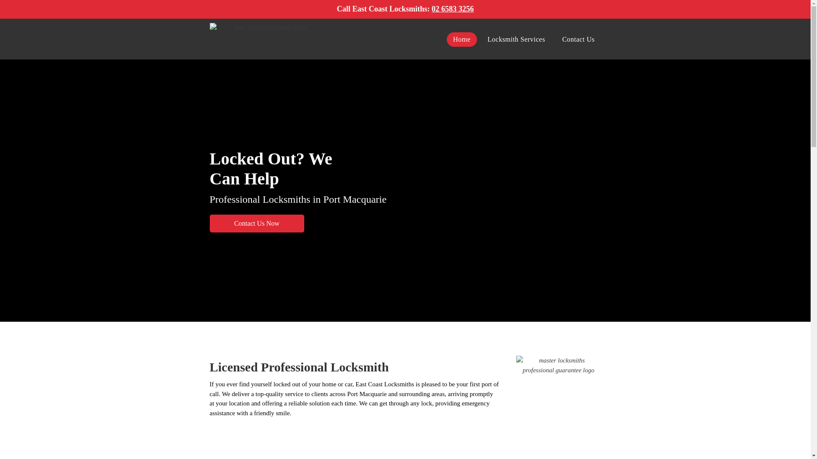 This screenshot has height=459, width=817. What do you see at coordinates (461, 39) in the screenshot?
I see `'Home'` at bounding box center [461, 39].